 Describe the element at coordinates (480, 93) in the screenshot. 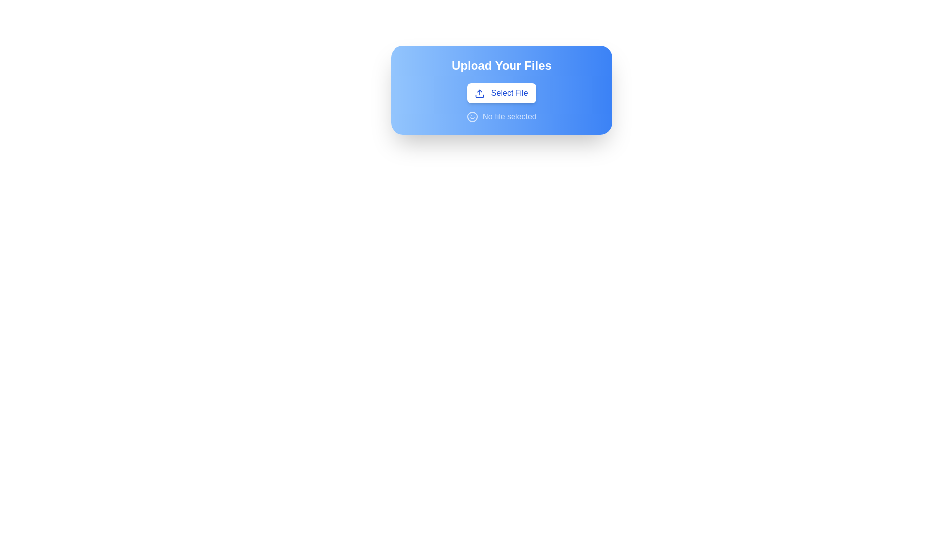

I see `the upload icon, which is a stylized SVG graphic with an upward-pointing arrow, located to the left of the text 'Select File'` at that location.